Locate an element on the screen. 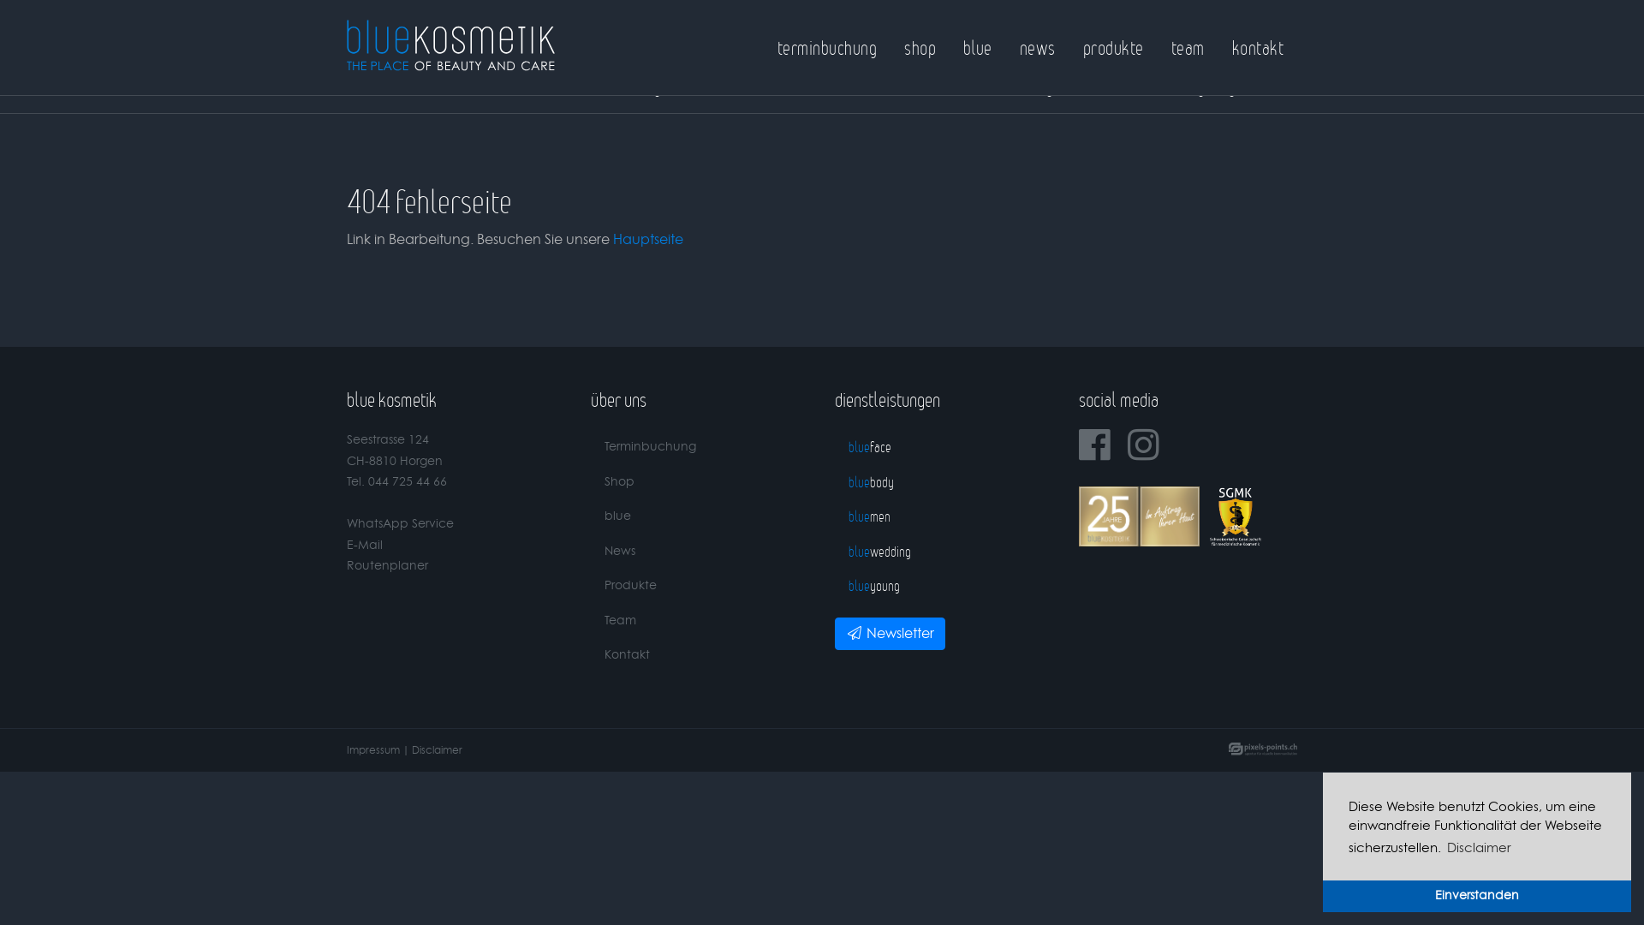 Image resolution: width=1644 pixels, height=925 pixels. 'blueyoung' is located at coordinates (943, 585).